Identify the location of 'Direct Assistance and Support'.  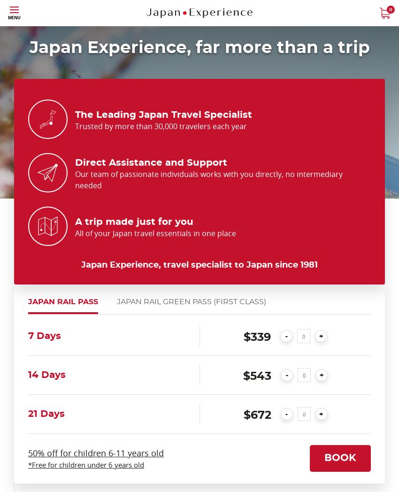
(151, 162).